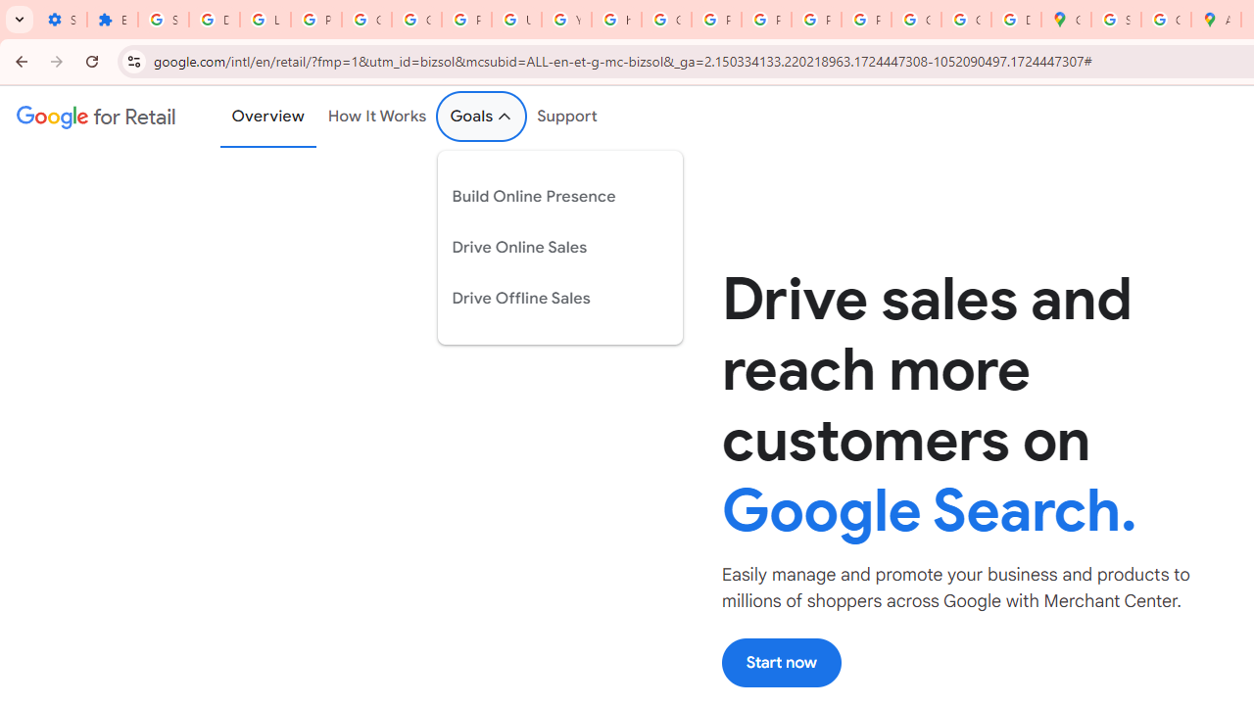  I want to click on 'Support', so click(566, 117).